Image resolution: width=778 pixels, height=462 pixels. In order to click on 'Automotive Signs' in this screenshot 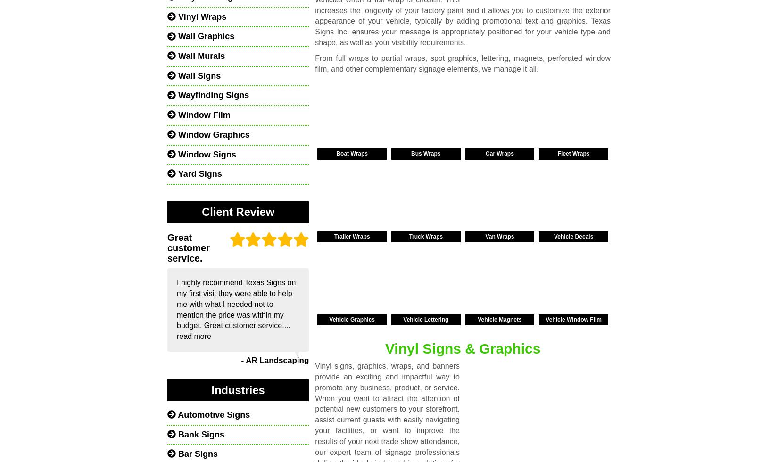, I will do `click(212, 414)`.